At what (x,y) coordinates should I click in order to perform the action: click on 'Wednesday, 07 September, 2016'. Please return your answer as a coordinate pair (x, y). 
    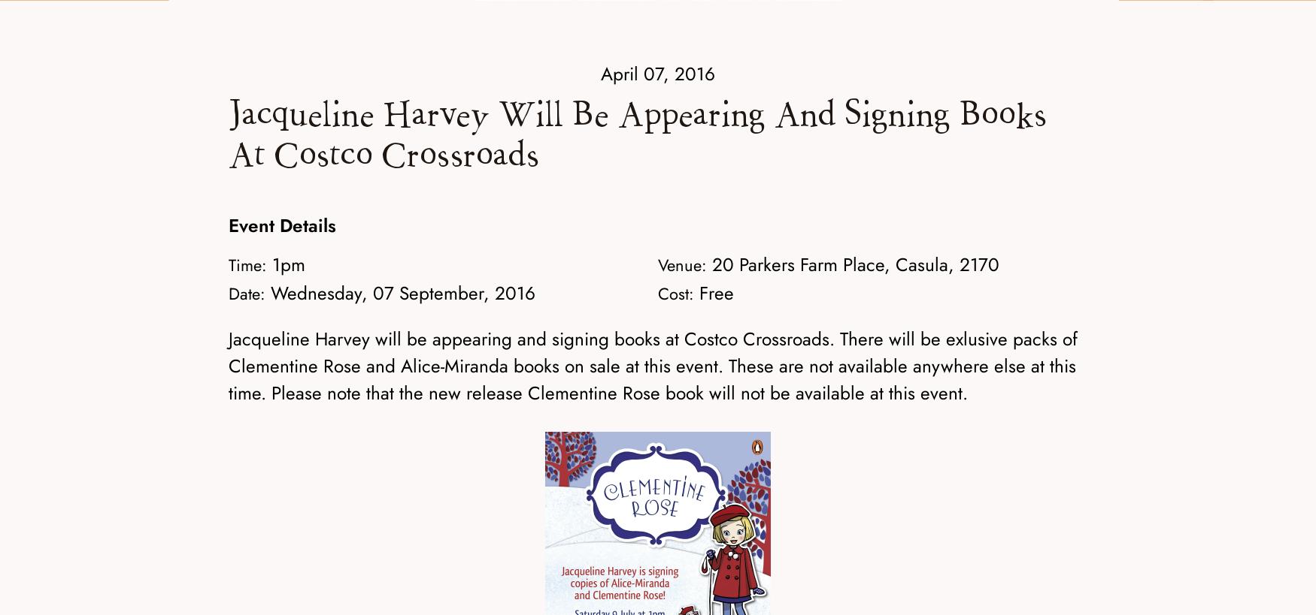
    Looking at the image, I should click on (401, 291).